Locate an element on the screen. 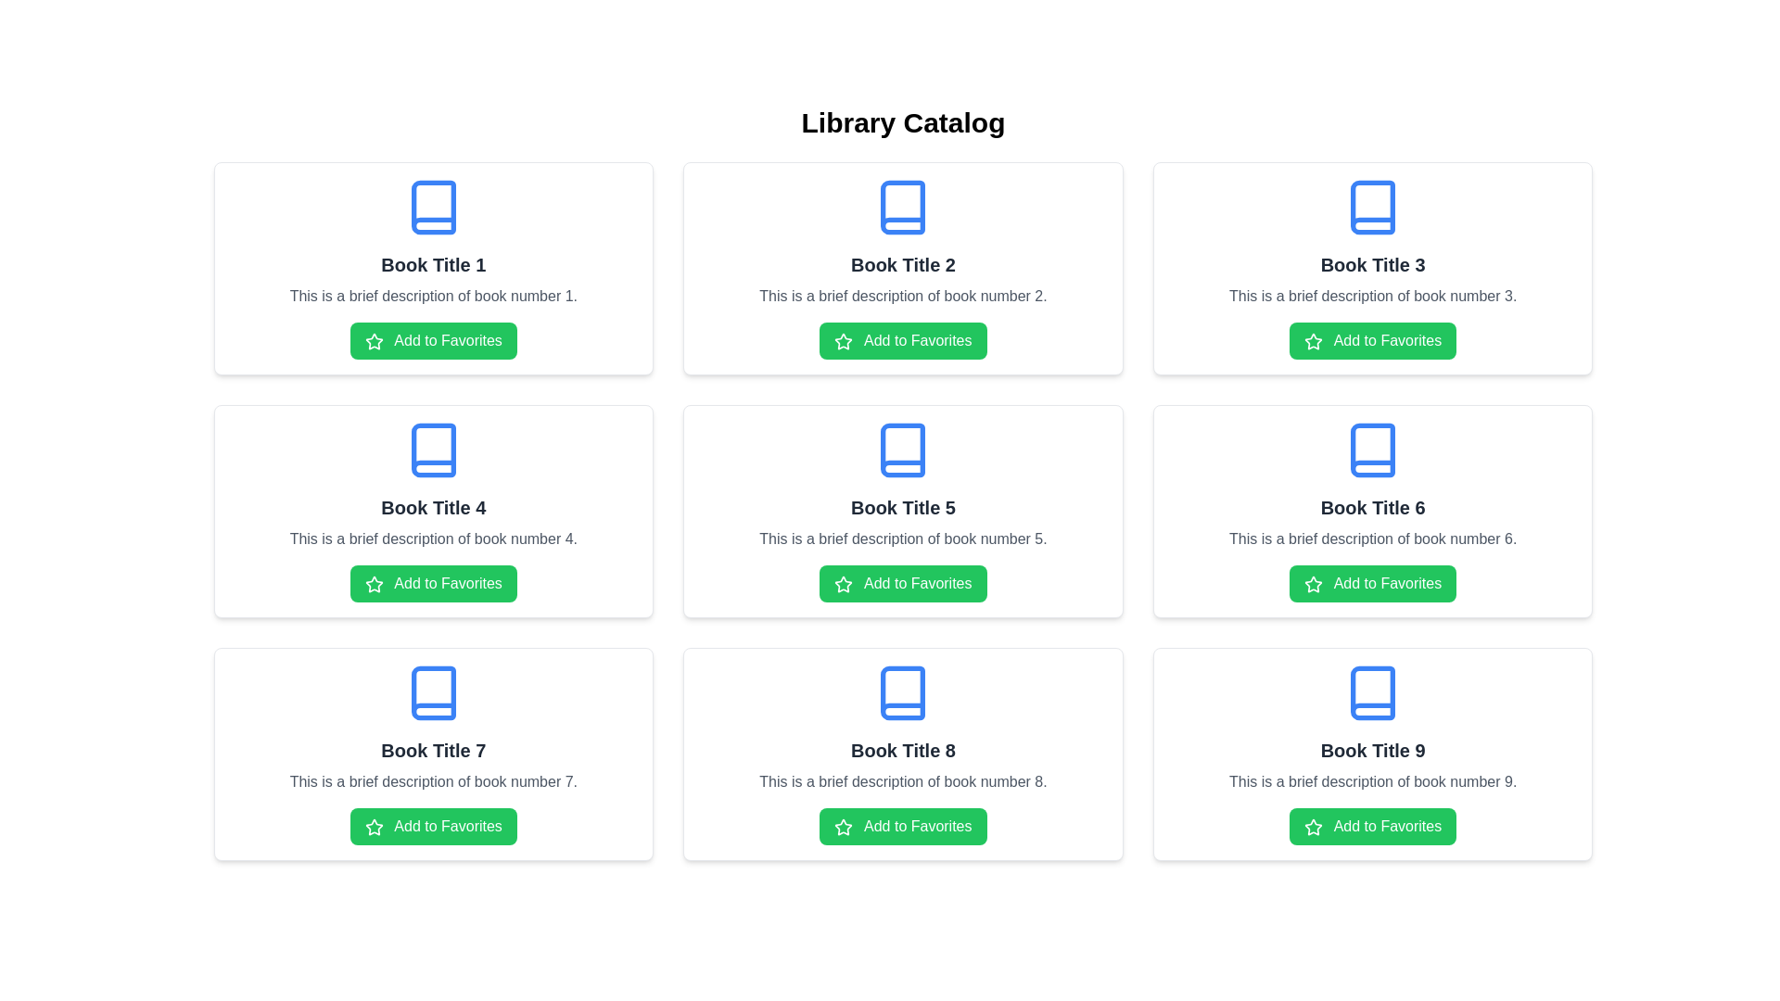  the green star icon with a white border located to the left of the 'Add to Favorites' button in the top-left card of the 3x3 grid is located at coordinates (373, 341).